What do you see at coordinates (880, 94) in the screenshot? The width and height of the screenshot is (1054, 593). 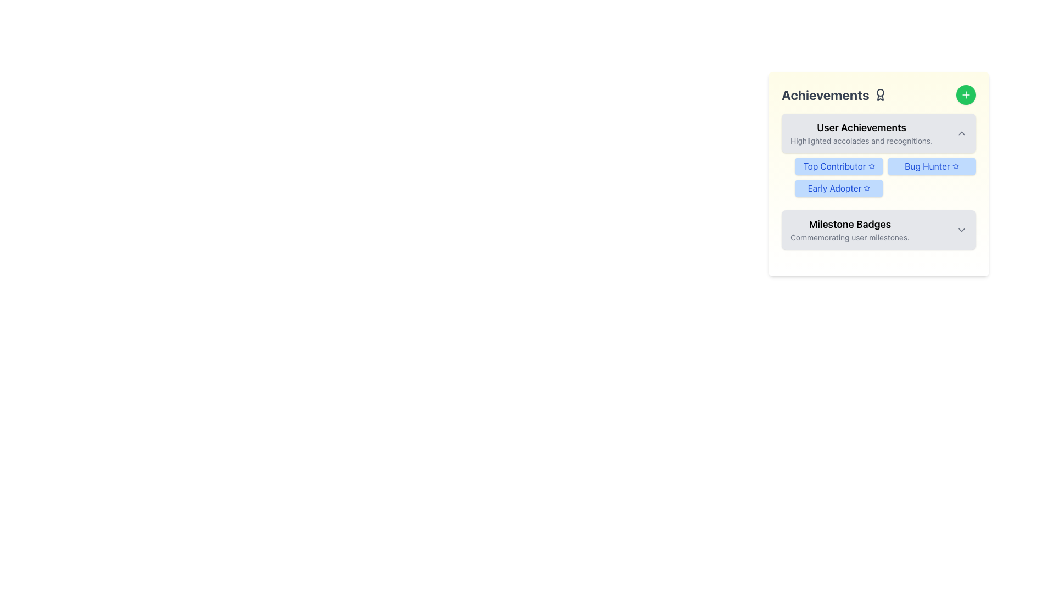 I see `the award or badge icon located next to the 'Achievements' header text at the top of the user achievements section` at bounding box center [880, 94].